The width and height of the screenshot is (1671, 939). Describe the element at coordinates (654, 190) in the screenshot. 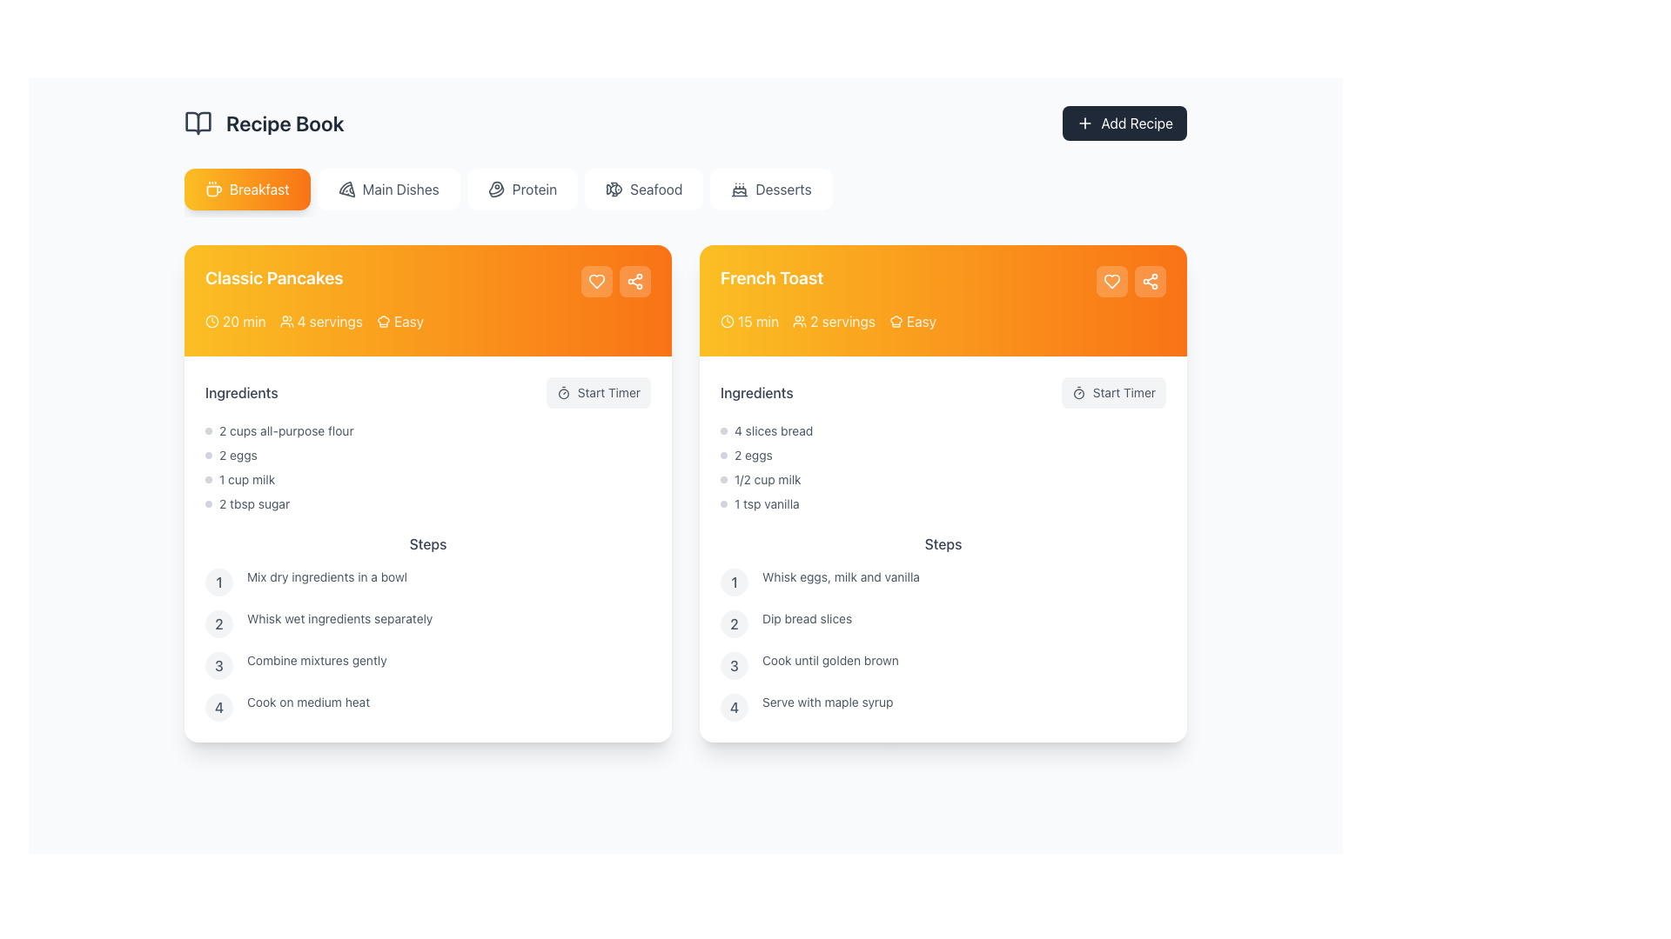

I see `the 'Seafood' tab within the navigation bar` at that location.